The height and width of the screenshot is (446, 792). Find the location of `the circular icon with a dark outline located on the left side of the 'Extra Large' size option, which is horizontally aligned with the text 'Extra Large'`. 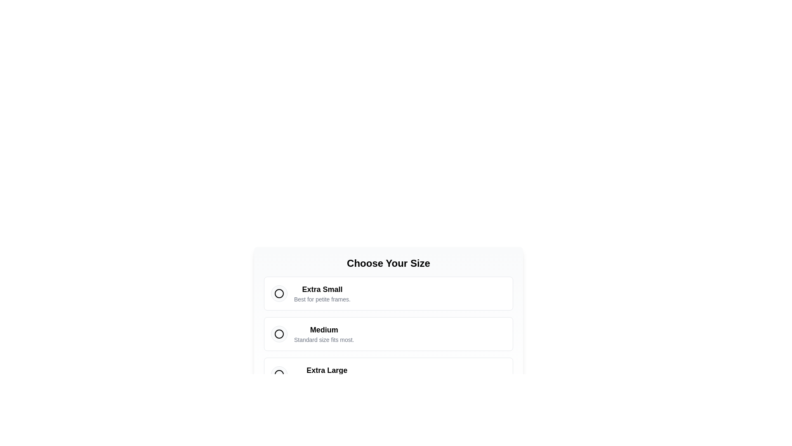

the circular icon with a dark outline located on the left side of the 'Extra Large' size option, which is horizontally aligned with the text 'Extra Large' is located at coordinates (279, 374).